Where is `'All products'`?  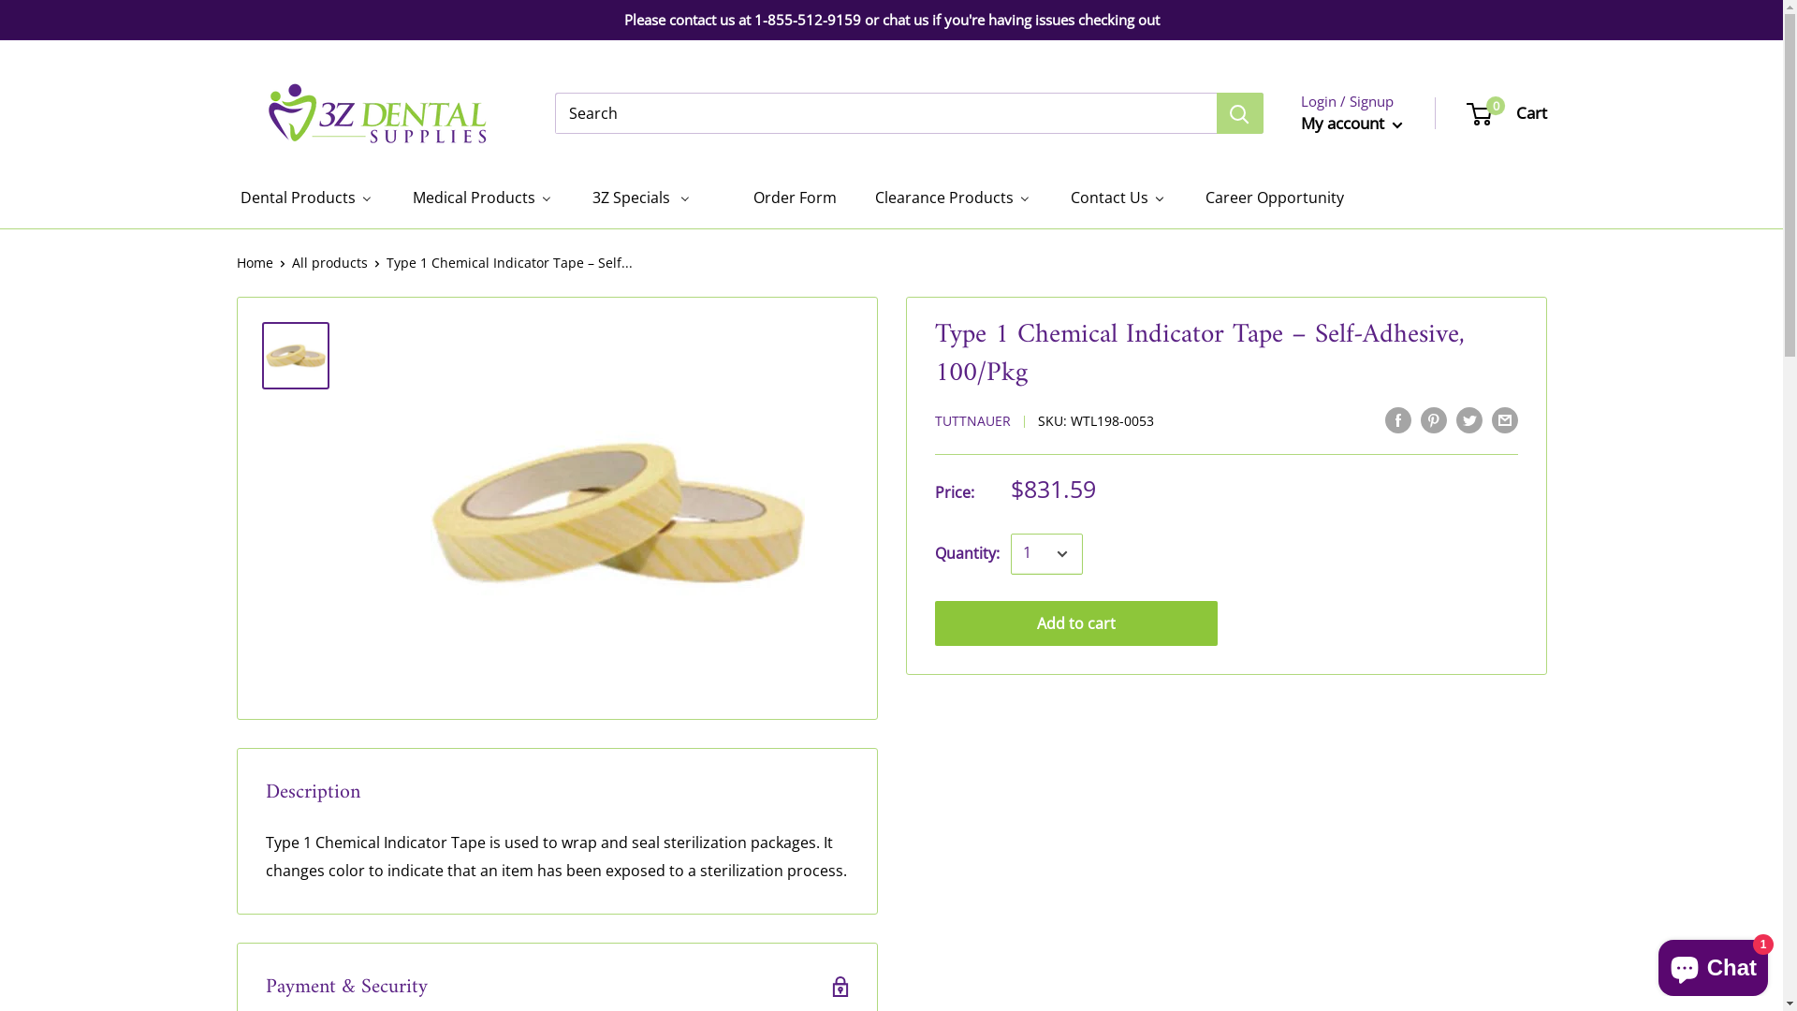 'All products' is located at coordinates (329, 262).